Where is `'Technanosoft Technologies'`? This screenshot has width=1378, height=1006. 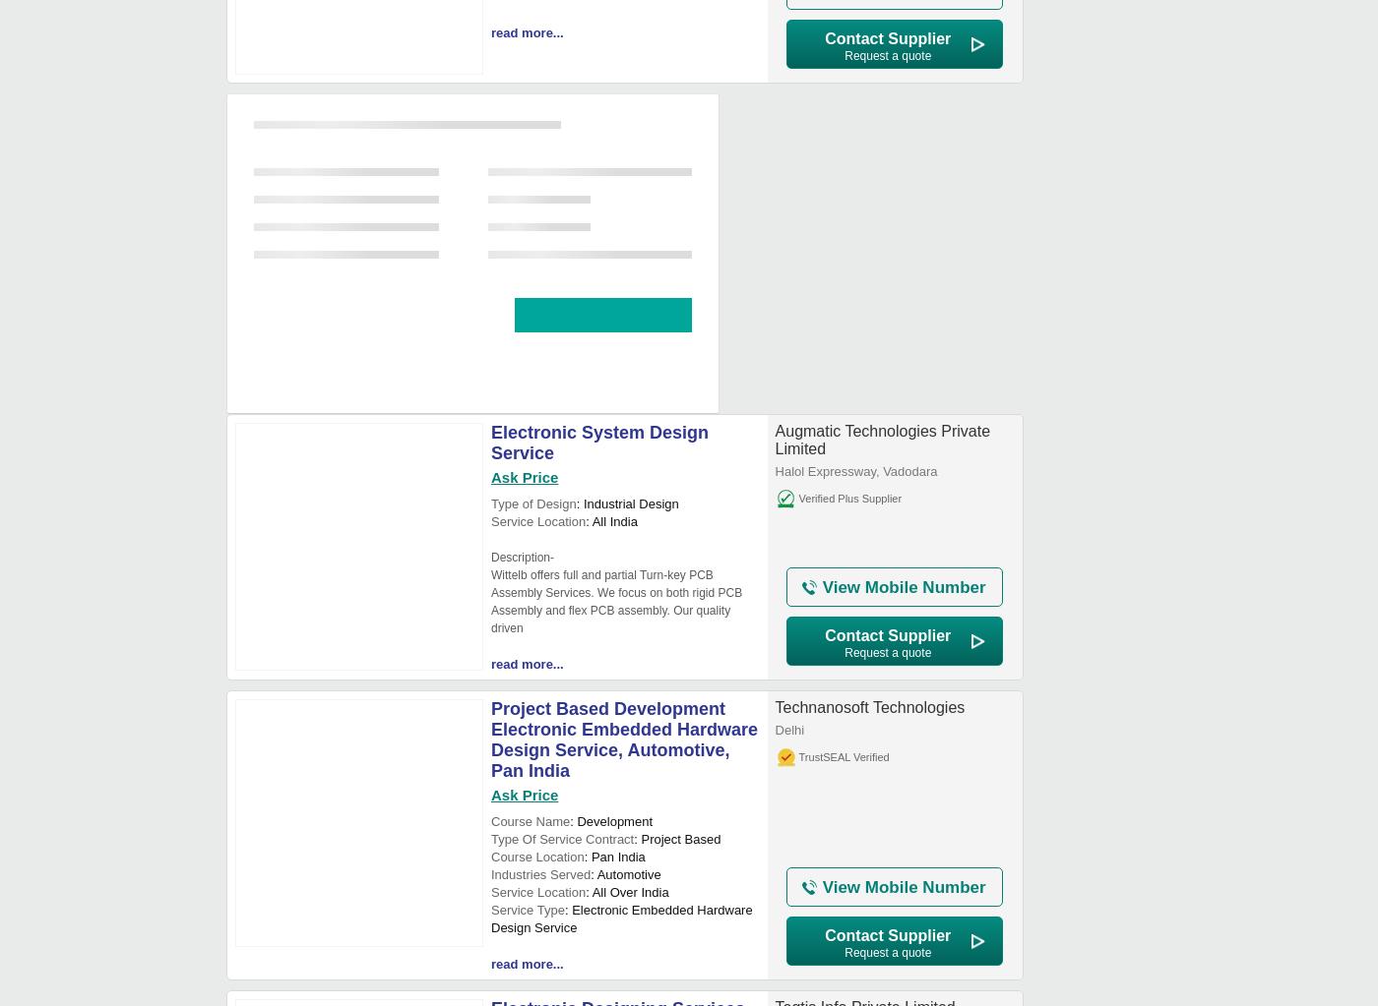 'Technanosoft Technologies' is located at coordinates (868, 707).